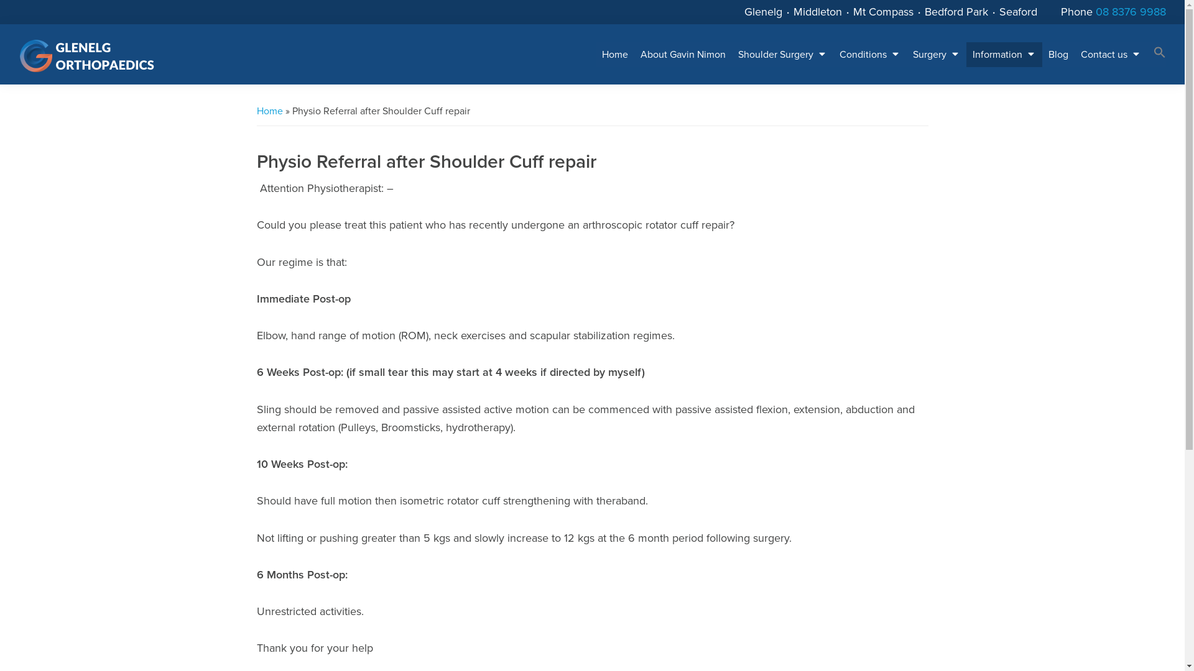  Describe the element at coordinates (882, 12) in the screenshot. I see `'Mt Compass'` at that location.